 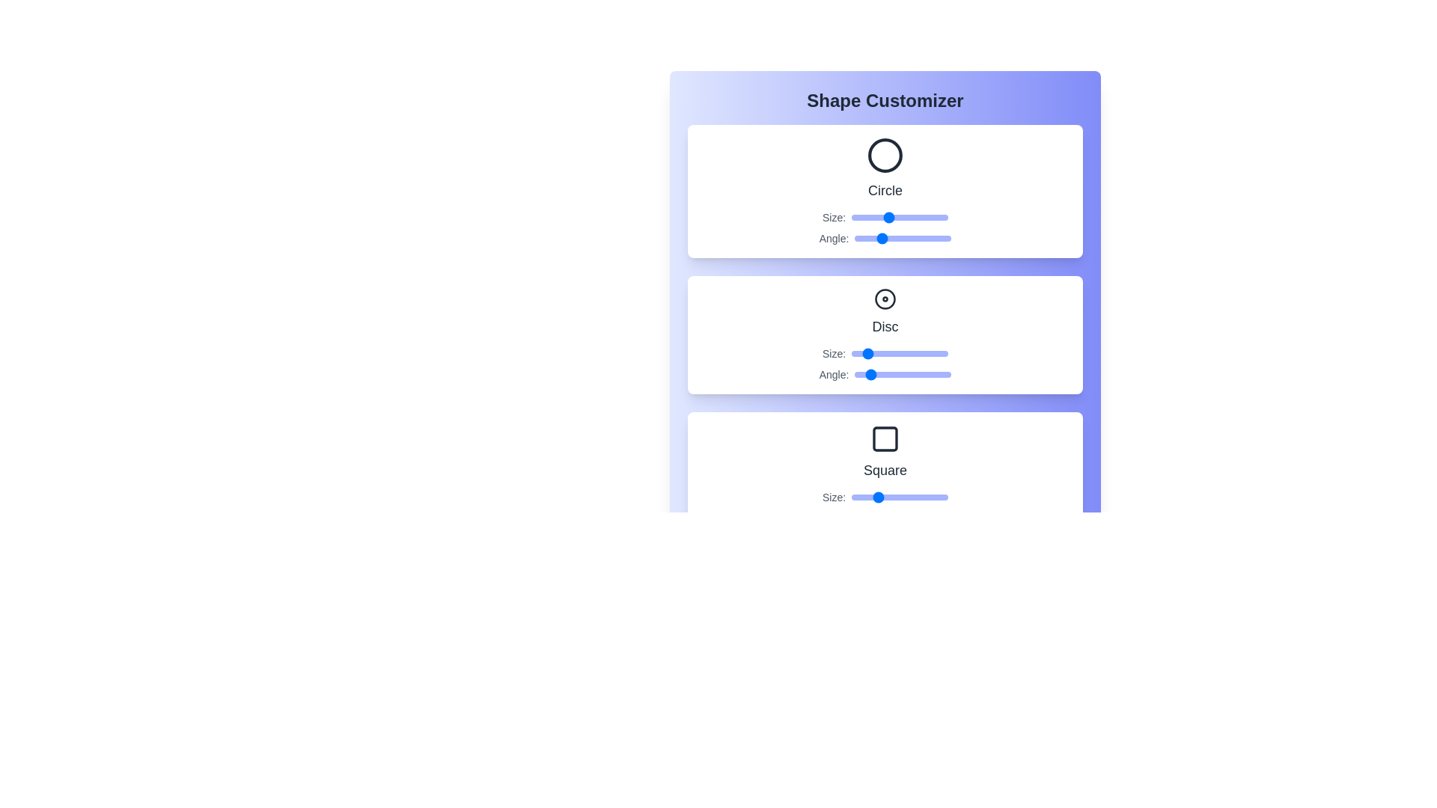 I want to click on the Circle's angle slider to 161 degrees, so click(x=898, y=238).